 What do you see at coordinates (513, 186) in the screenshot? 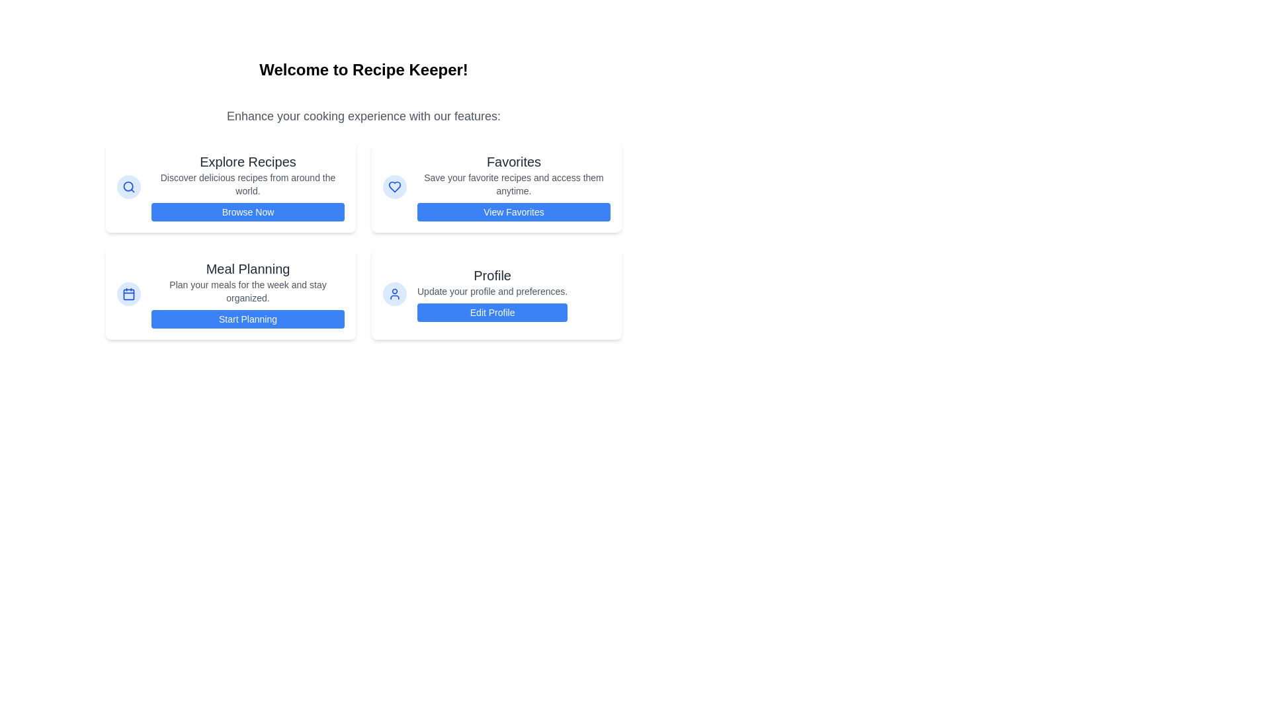
I see `descriptive text of the Informational card that communicates the functionality of saving and accessing favorite recipes, located in the second column of a 2x2 grid layout` at bounding box center [513, 186].